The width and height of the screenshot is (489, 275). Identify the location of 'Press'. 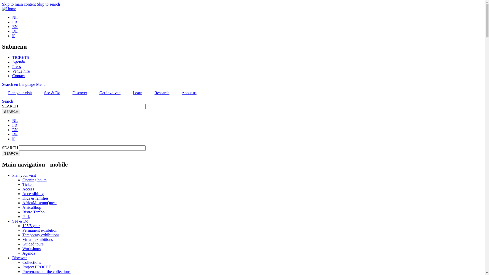
(12, 66).